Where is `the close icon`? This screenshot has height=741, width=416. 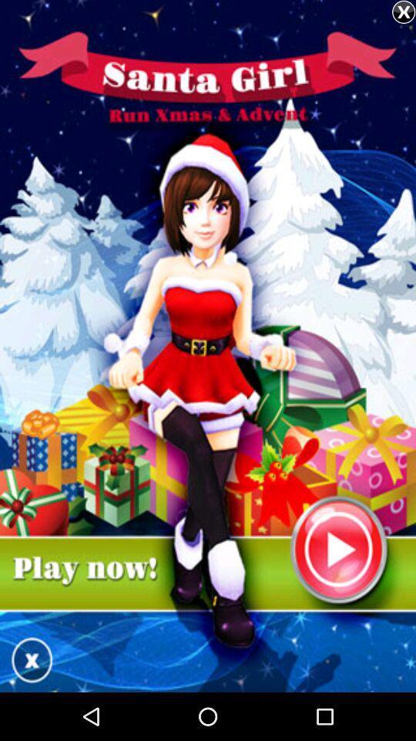 the close icon is located at coordinates (404, 12).